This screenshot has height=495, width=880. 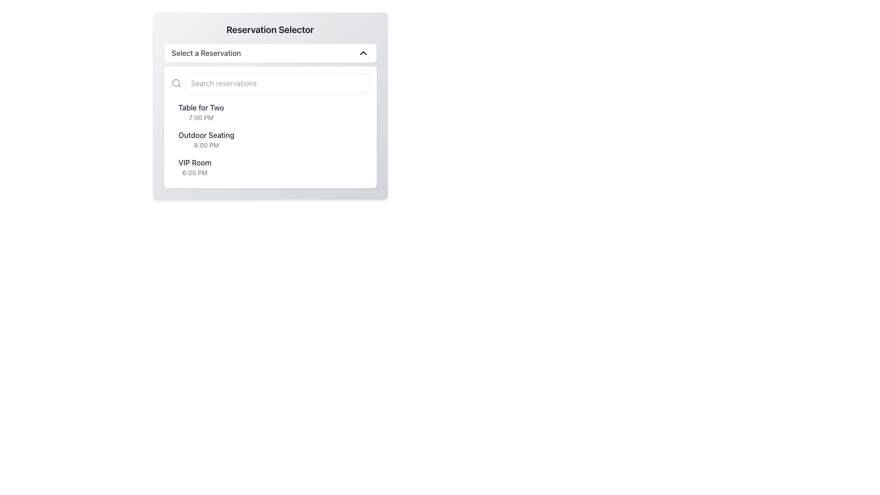 I want to click on the first reservation option in the list displaying 'Table for Two', so click(x=201, y=112).